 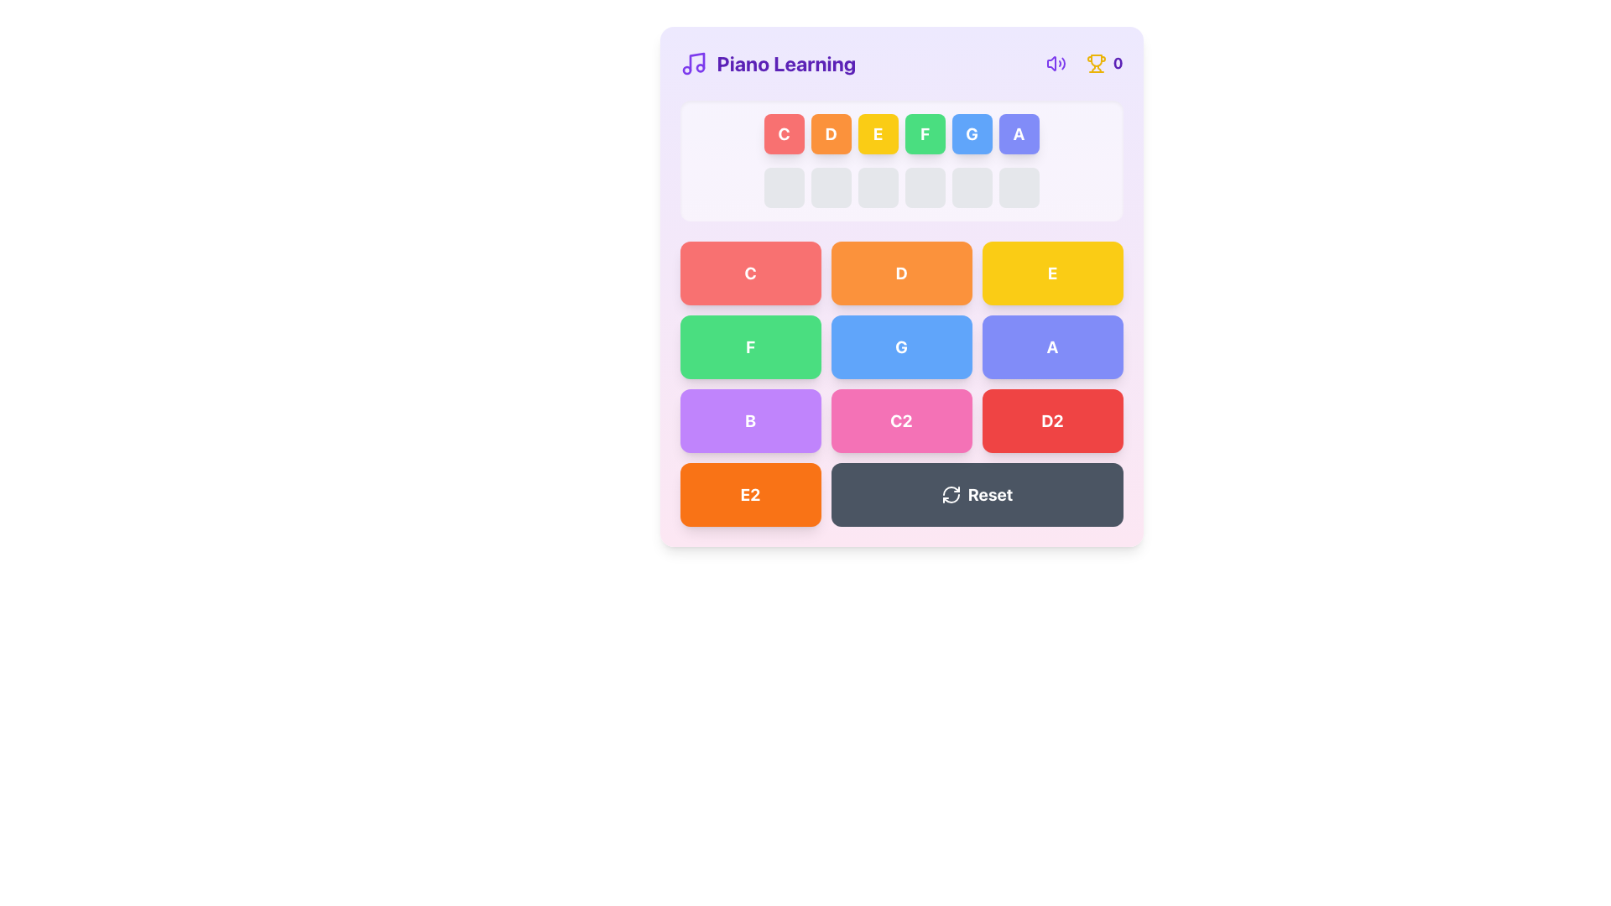 I want to click on the indigo button with a bold white 'A' centered on it, so click(x=1051, y=346).